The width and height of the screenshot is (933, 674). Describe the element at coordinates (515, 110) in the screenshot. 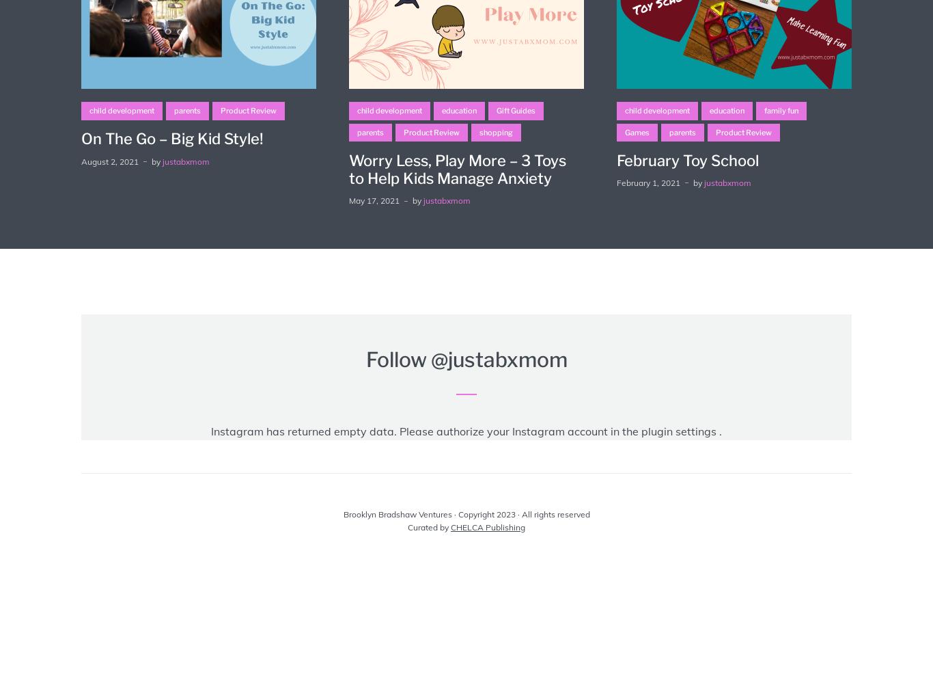

I see `'Gift Guides'` at that location.